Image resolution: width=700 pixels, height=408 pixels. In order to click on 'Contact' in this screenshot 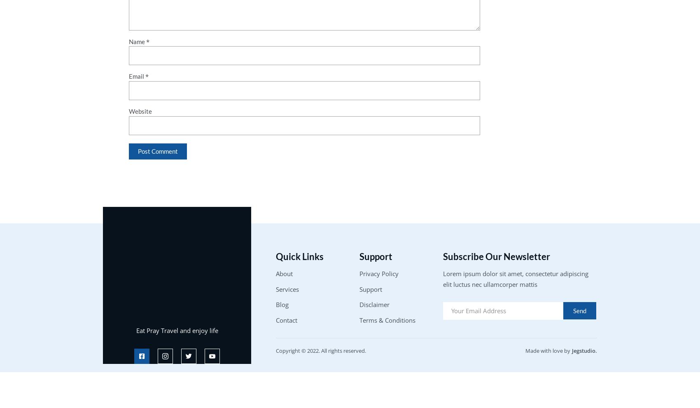, I will do `click(275, 319)`.